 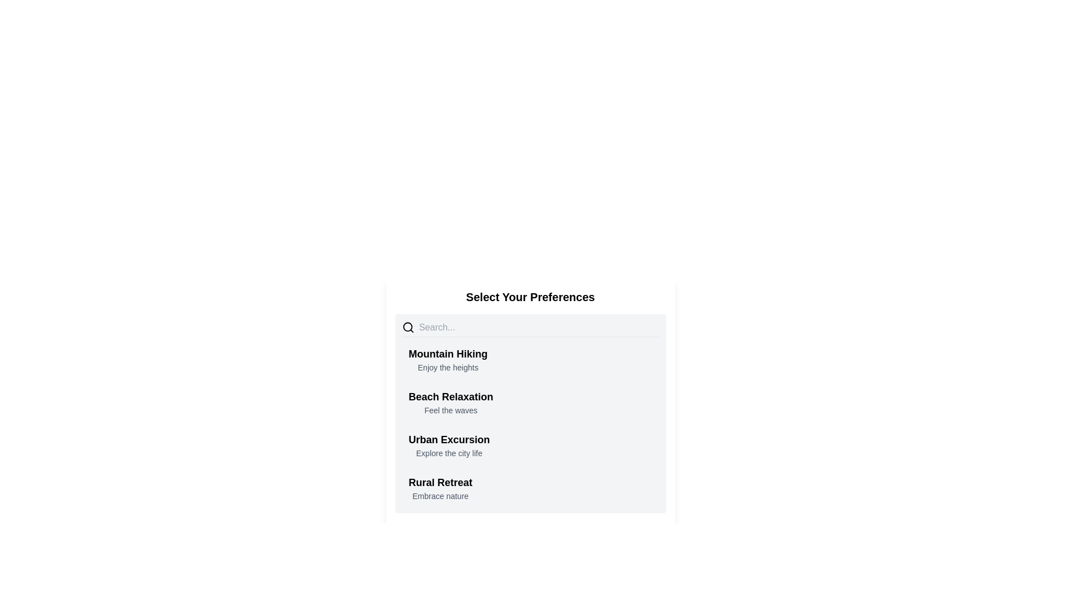 I want to click on the search bar located within the 'Select Your Preferences' section to focus on the field, so click(x=538, y=328).